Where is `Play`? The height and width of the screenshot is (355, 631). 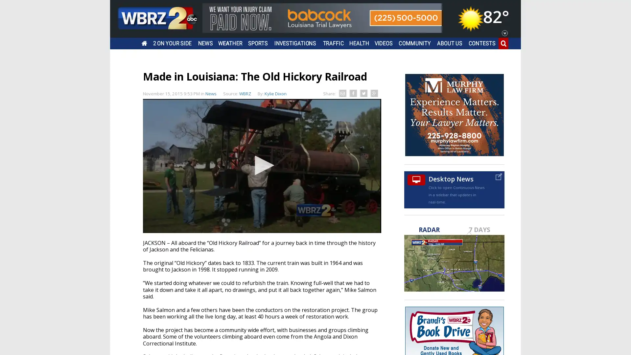 Play is located at coordinates (261, 165).